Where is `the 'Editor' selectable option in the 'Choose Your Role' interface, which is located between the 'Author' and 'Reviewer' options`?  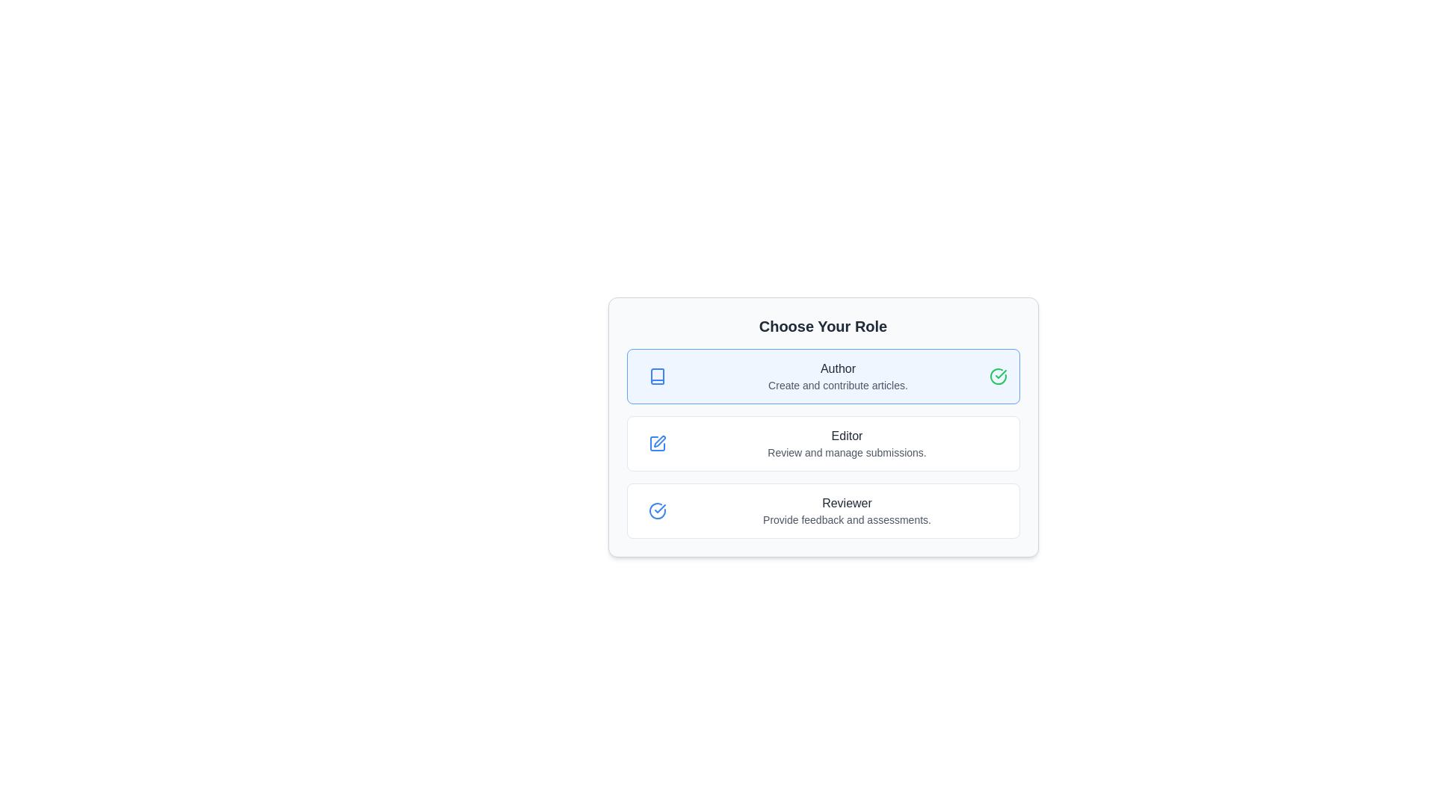 the 'Editor' selectable option in the 'Choose Your Role' interface, which is located between the 'Author' and 'Reviewer' options is located at coordinates (822, 443).